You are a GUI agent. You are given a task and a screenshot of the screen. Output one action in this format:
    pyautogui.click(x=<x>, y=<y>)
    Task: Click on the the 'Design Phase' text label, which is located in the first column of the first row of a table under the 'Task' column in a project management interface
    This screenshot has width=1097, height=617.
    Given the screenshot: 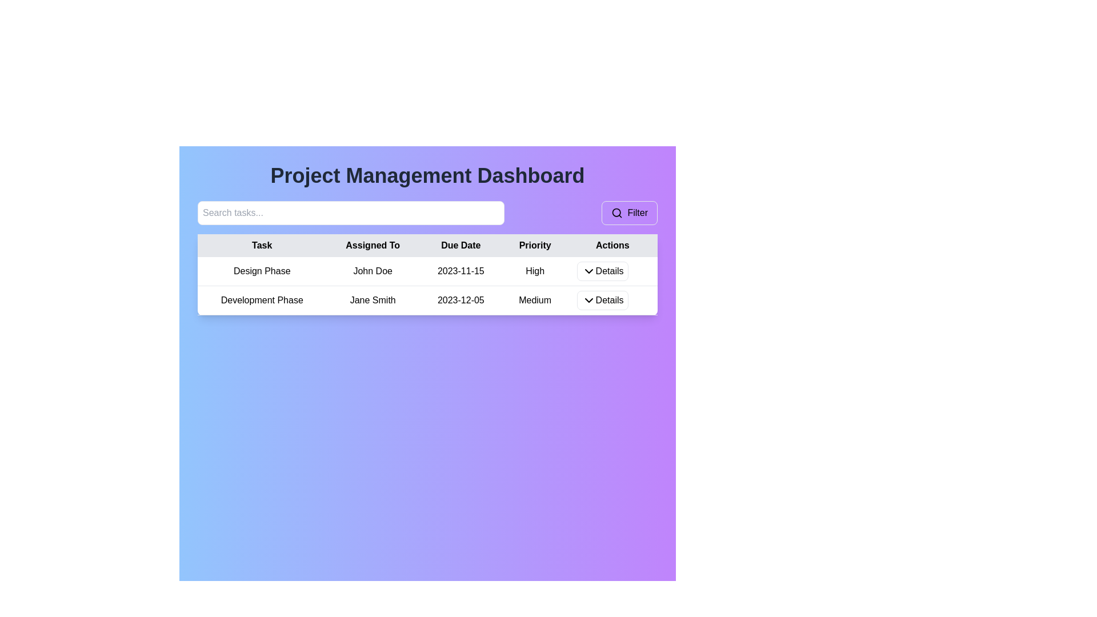 What is the action you would take?
    pyautogui.click(x=261, y=271)
    